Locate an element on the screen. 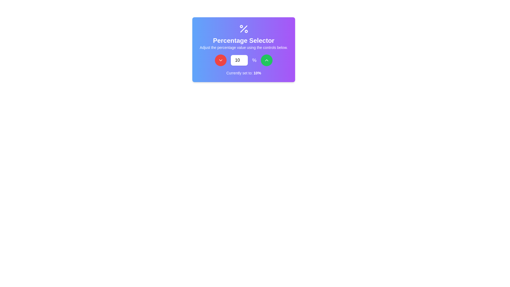  the decorative icon that indicates percentage operations, located at the top of the card above the 'Percentage Selector' text is located at coordinates (243, 29).